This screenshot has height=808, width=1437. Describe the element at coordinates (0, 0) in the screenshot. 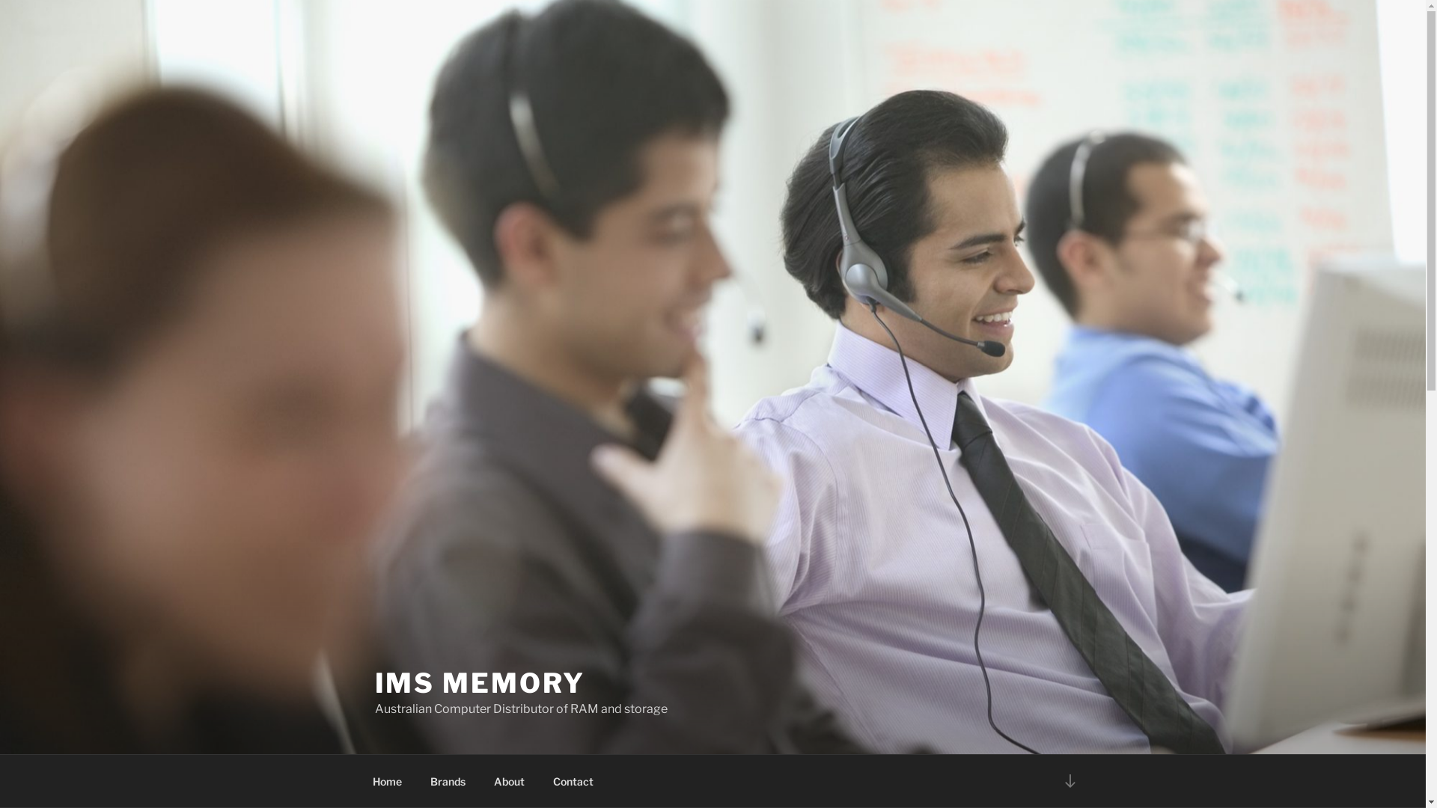

I see `'Skip to content'` at that location.